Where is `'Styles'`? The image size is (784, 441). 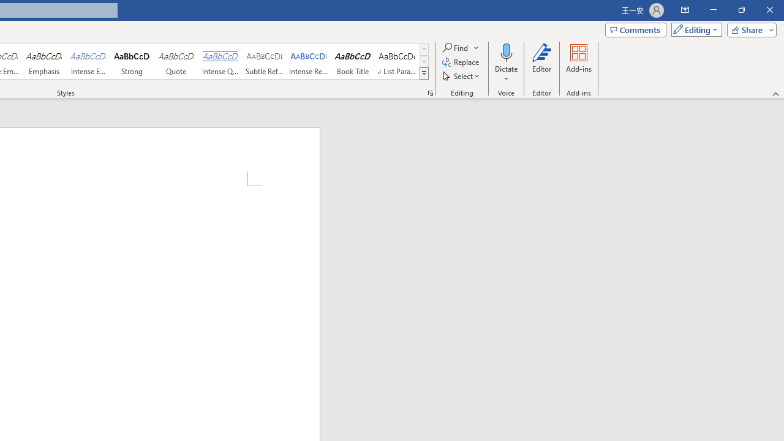
'Styles' is located at coordinates (424, 73).